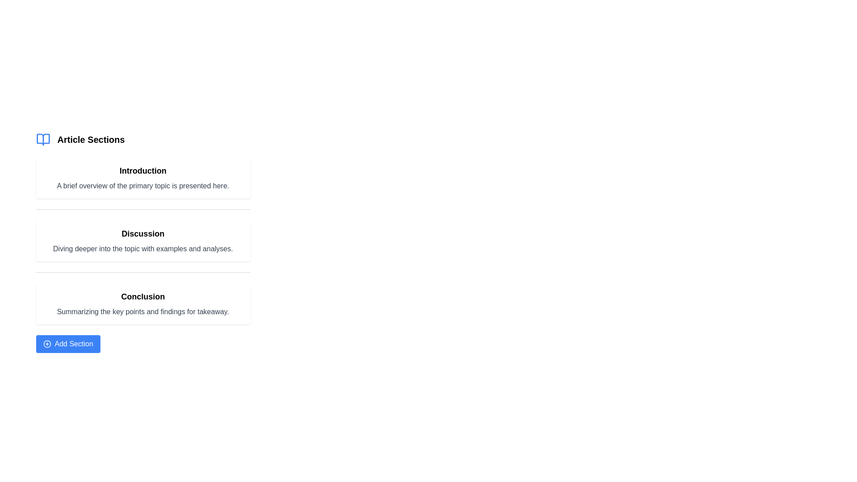  What do you see at coordinates (67, 344) in the screenshot?
I see `the button that triggers the addition of a new section, located at the bottom of the UI, under all section cards, aligned towards the left` at bounding box center [67, 344].